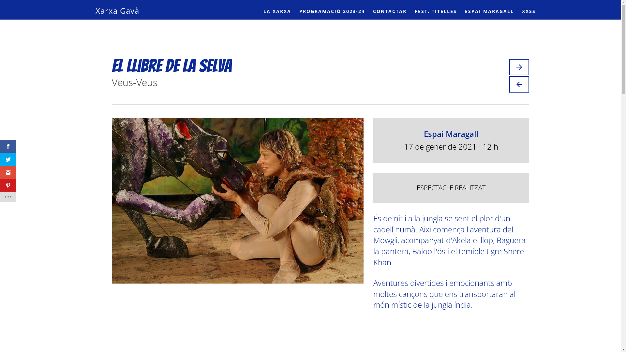 The width and height of the screenshot is (626, 352). I want to click on 'Espai Maragall', so click(451, 133).